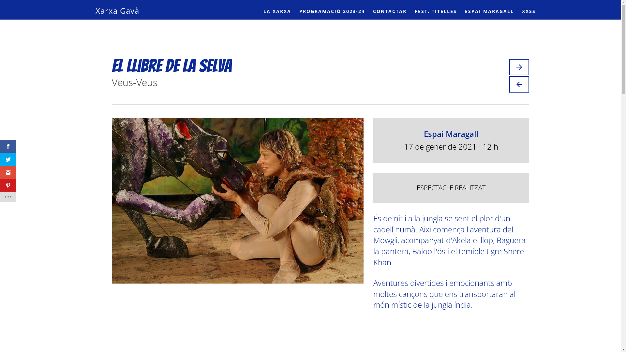 The width and height of the screenshot is (626, 352). I want to click on 'Espai Maragall', so click(451, 133).